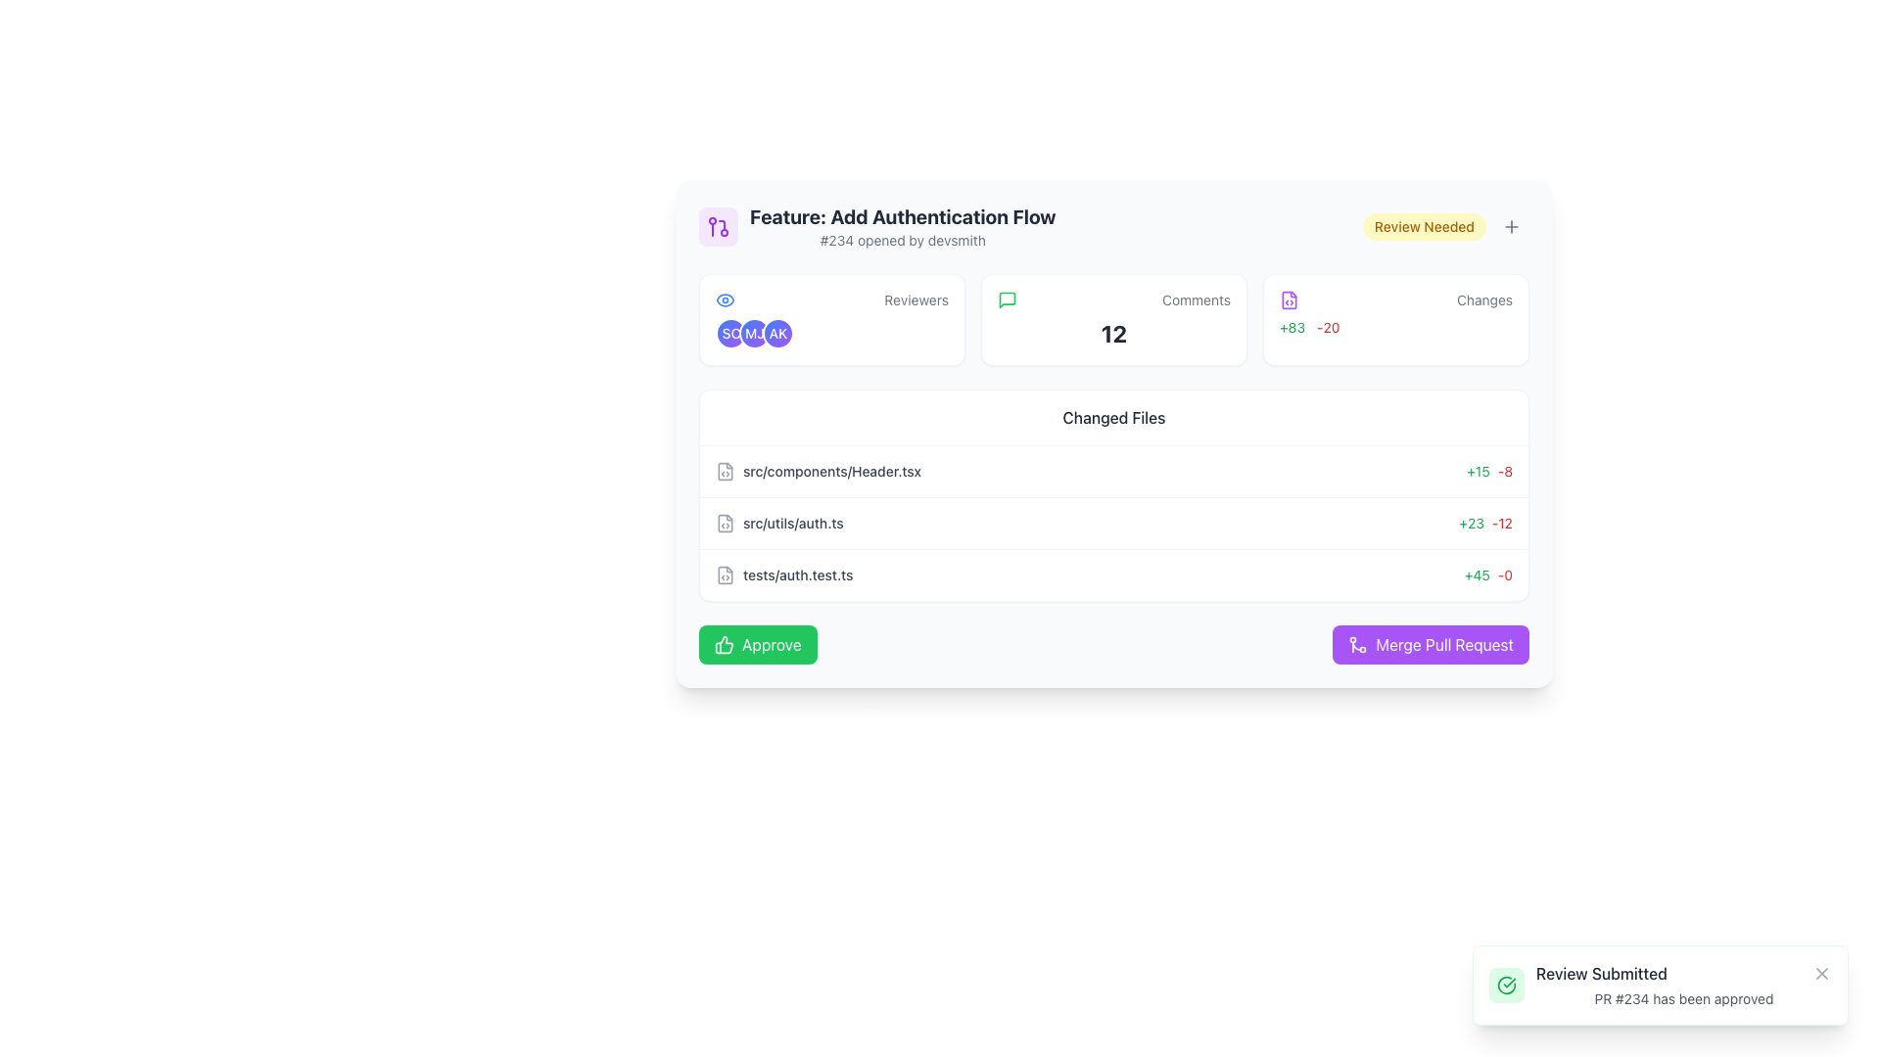  Describe the element at coordinates (818, 472) in the screenshot. I see `the first list item with the file icon and text 'src/components/Header.tsx'` at that location.